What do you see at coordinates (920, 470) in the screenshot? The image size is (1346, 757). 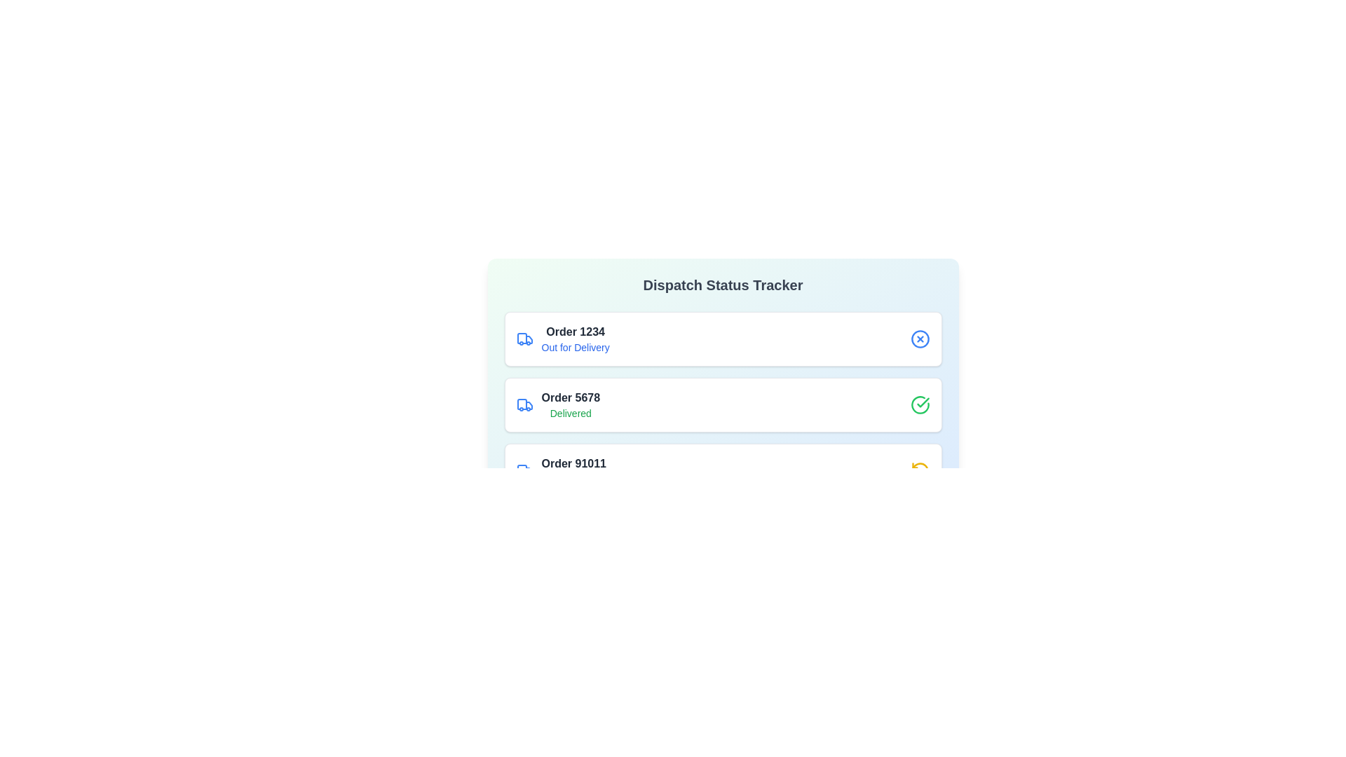 I see `the icon representing the status of order 91011` at bounding box center [920, 470].